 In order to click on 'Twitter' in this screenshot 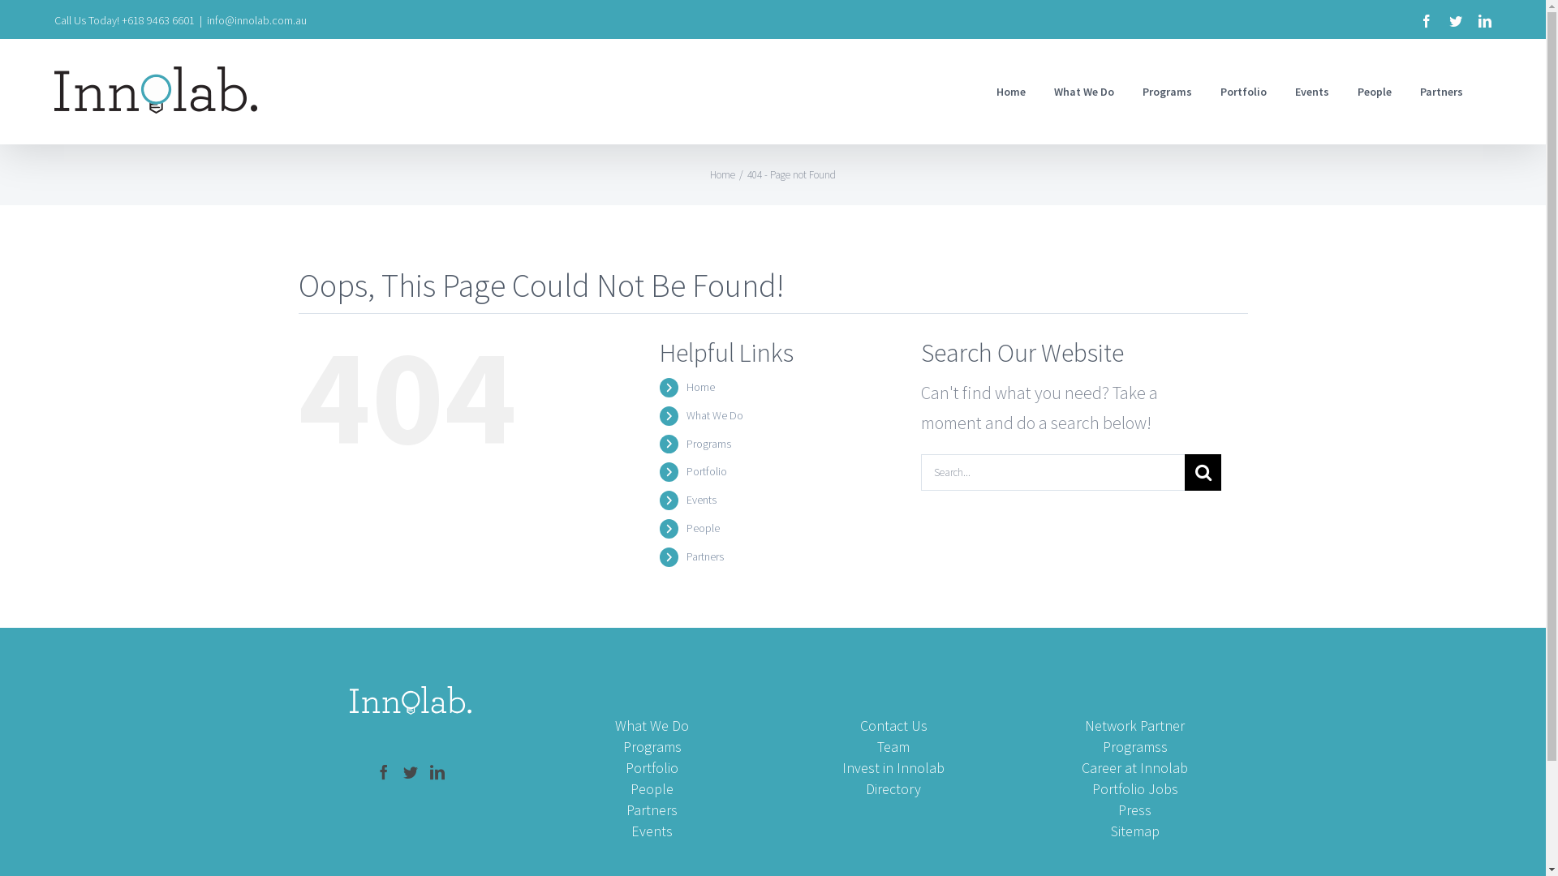, I will do `click(1456, 21)`.